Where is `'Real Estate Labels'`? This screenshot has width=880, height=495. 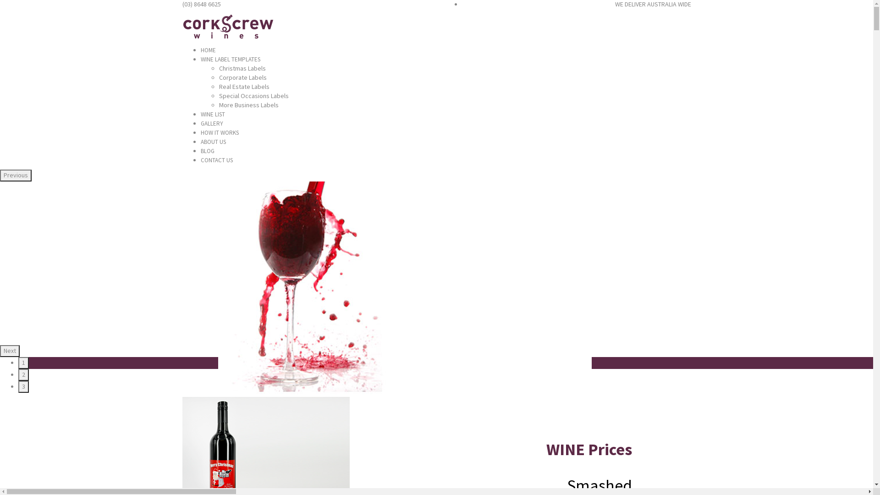
'Real Estate Labels' is located at coordinates (244, 87).